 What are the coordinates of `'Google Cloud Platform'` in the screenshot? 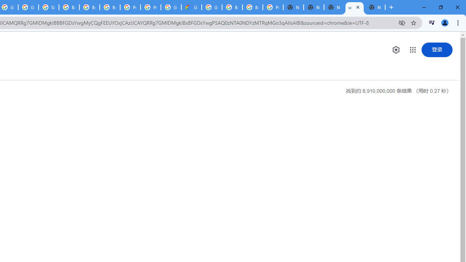 It's located at (212, 7).